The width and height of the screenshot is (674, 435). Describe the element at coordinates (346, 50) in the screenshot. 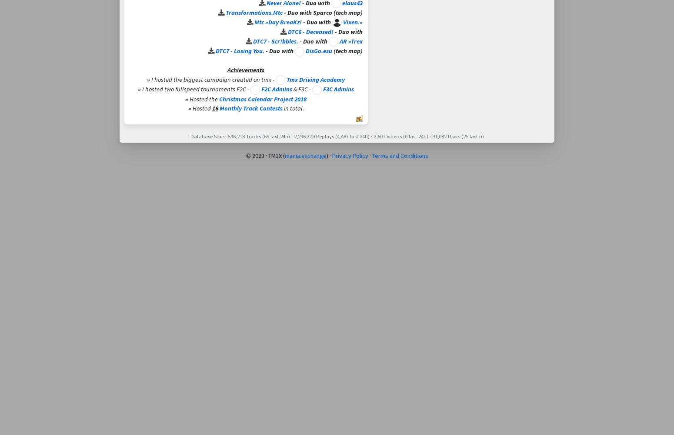

I see `'(tech map)'` at that location.